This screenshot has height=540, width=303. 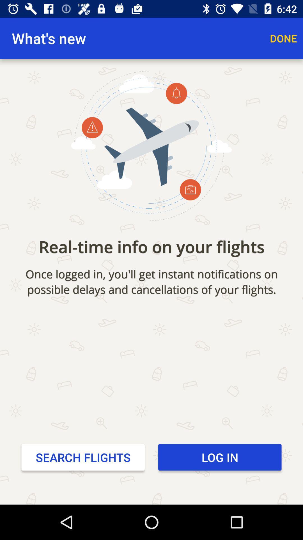 I want to click on the done icon, so click(x=283, y=38).